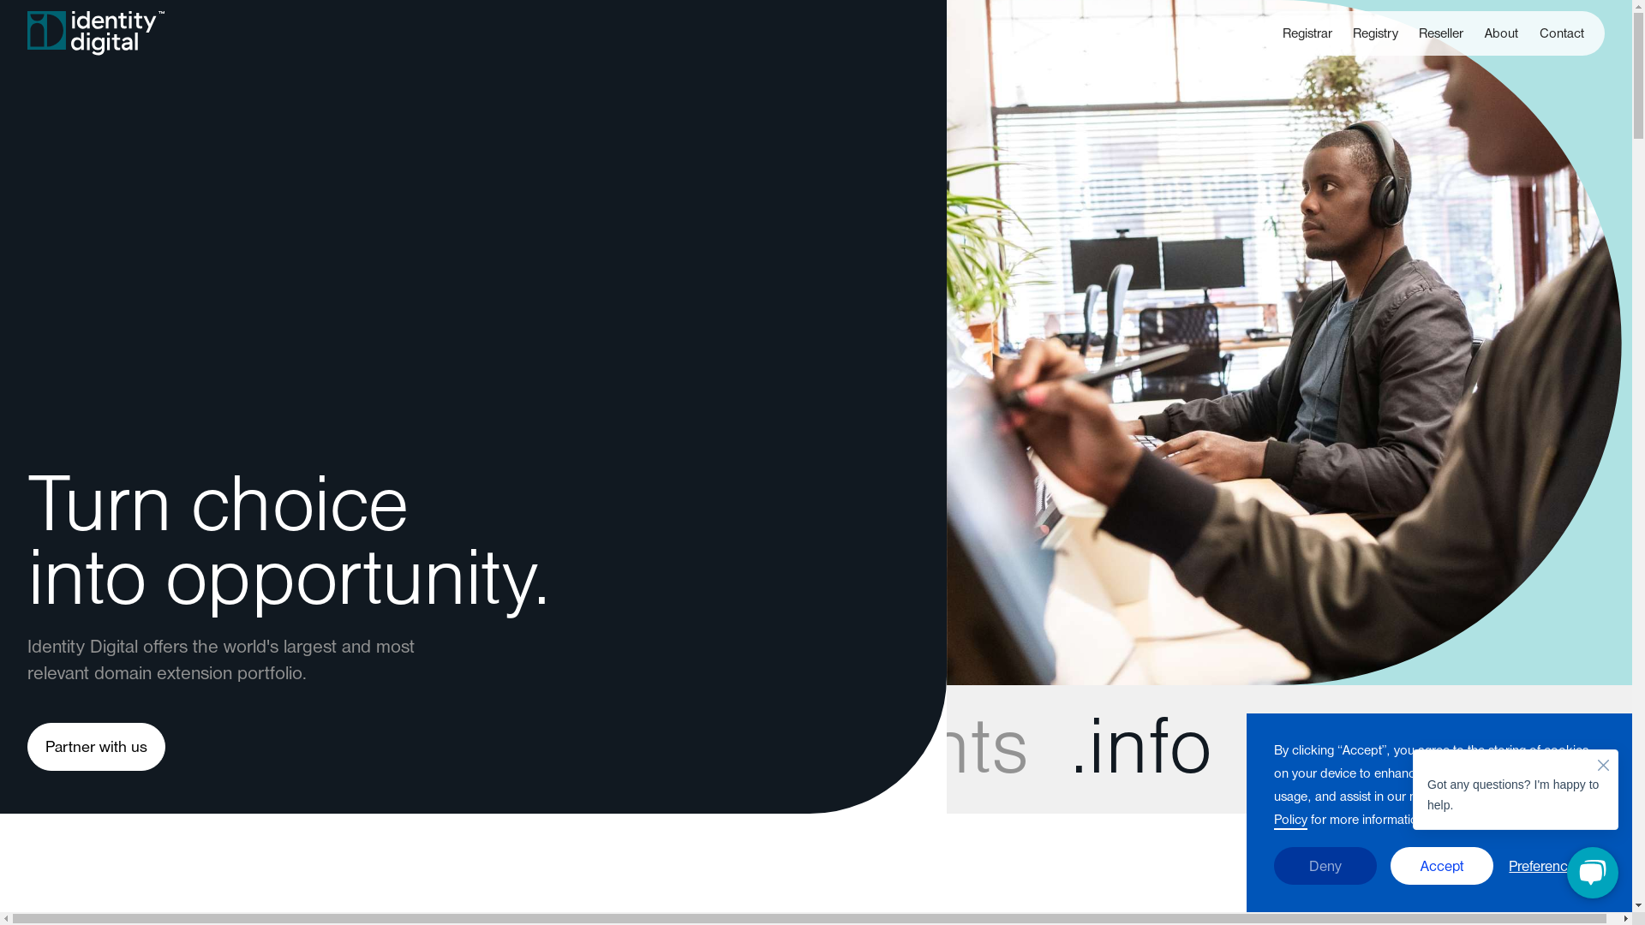 The width and height of the screenshot is (1645, 925). I want to click on 'Contact', so click(1562, 35).